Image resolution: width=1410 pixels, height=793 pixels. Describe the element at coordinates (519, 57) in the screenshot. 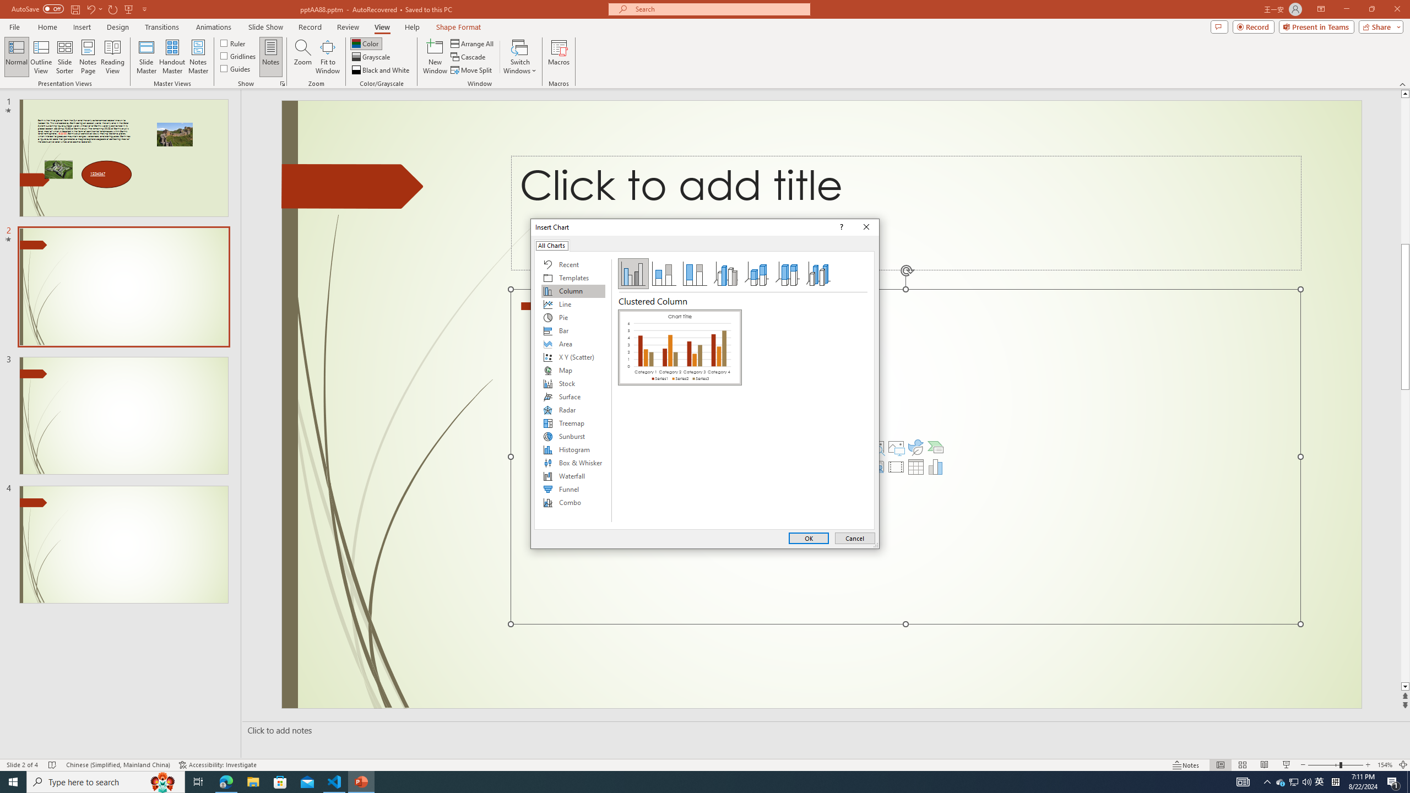

I see `'Switch Windows'` at that location.